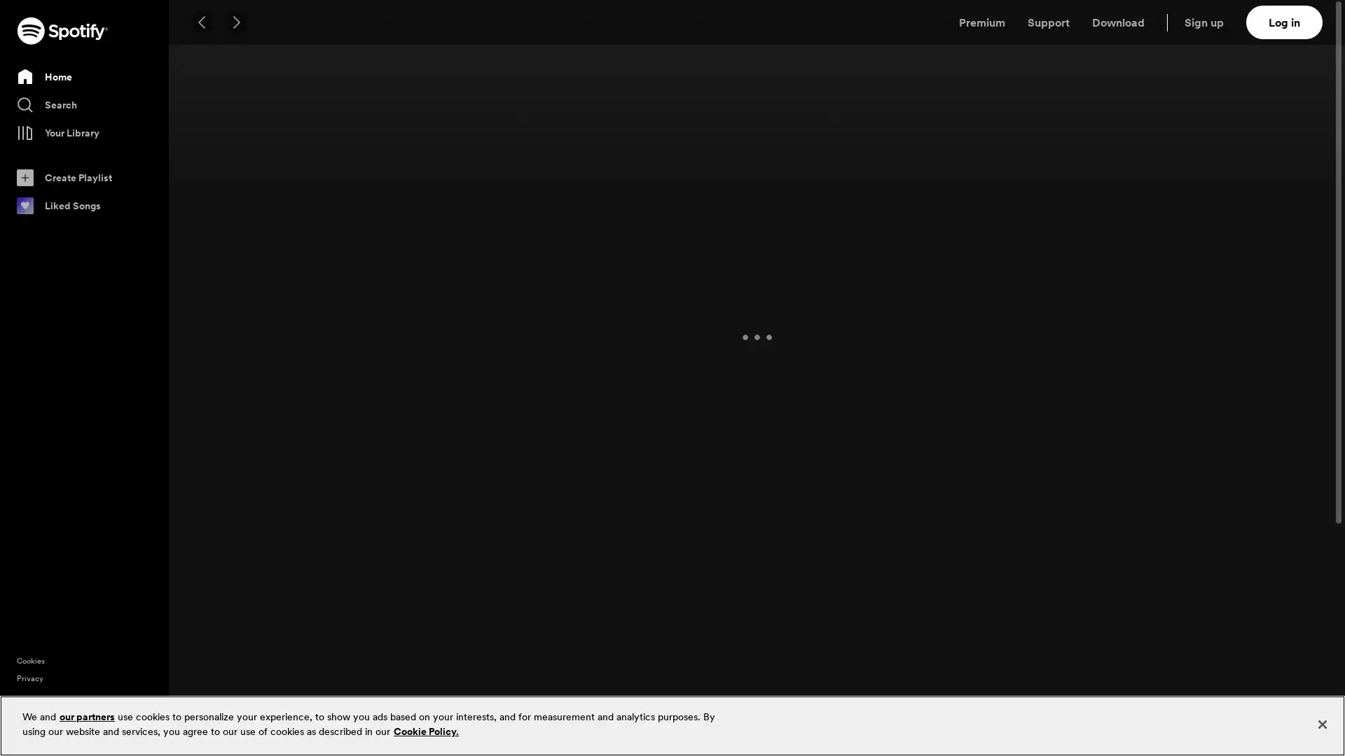  Describe the element at coordinates (571, 703) in the screenshot. I see `Play BBE` at that location.